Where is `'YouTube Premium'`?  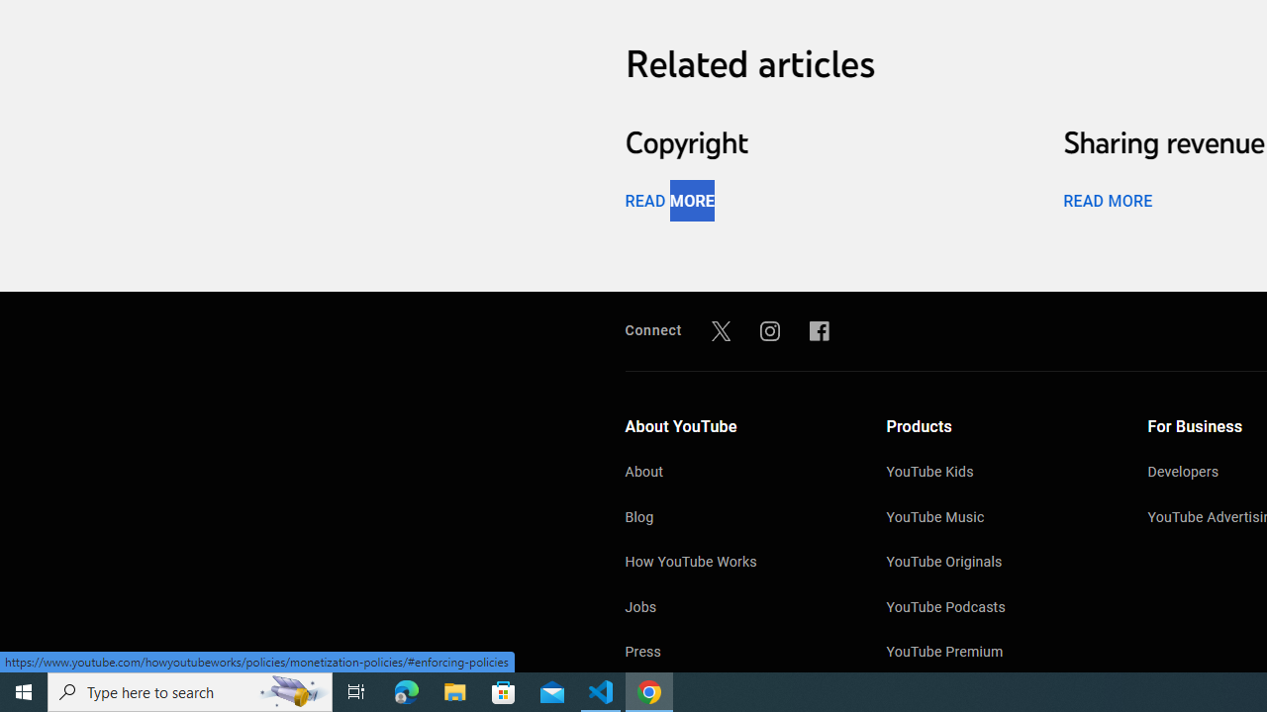
'YouTube Premium' is located at coordinates (997, 654).